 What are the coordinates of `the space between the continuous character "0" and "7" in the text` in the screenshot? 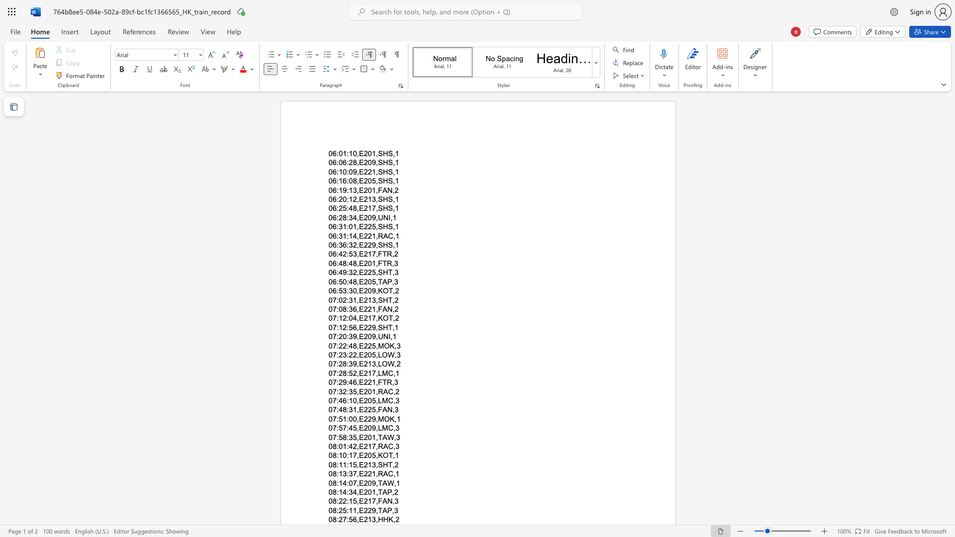 It's located at (332, 354).